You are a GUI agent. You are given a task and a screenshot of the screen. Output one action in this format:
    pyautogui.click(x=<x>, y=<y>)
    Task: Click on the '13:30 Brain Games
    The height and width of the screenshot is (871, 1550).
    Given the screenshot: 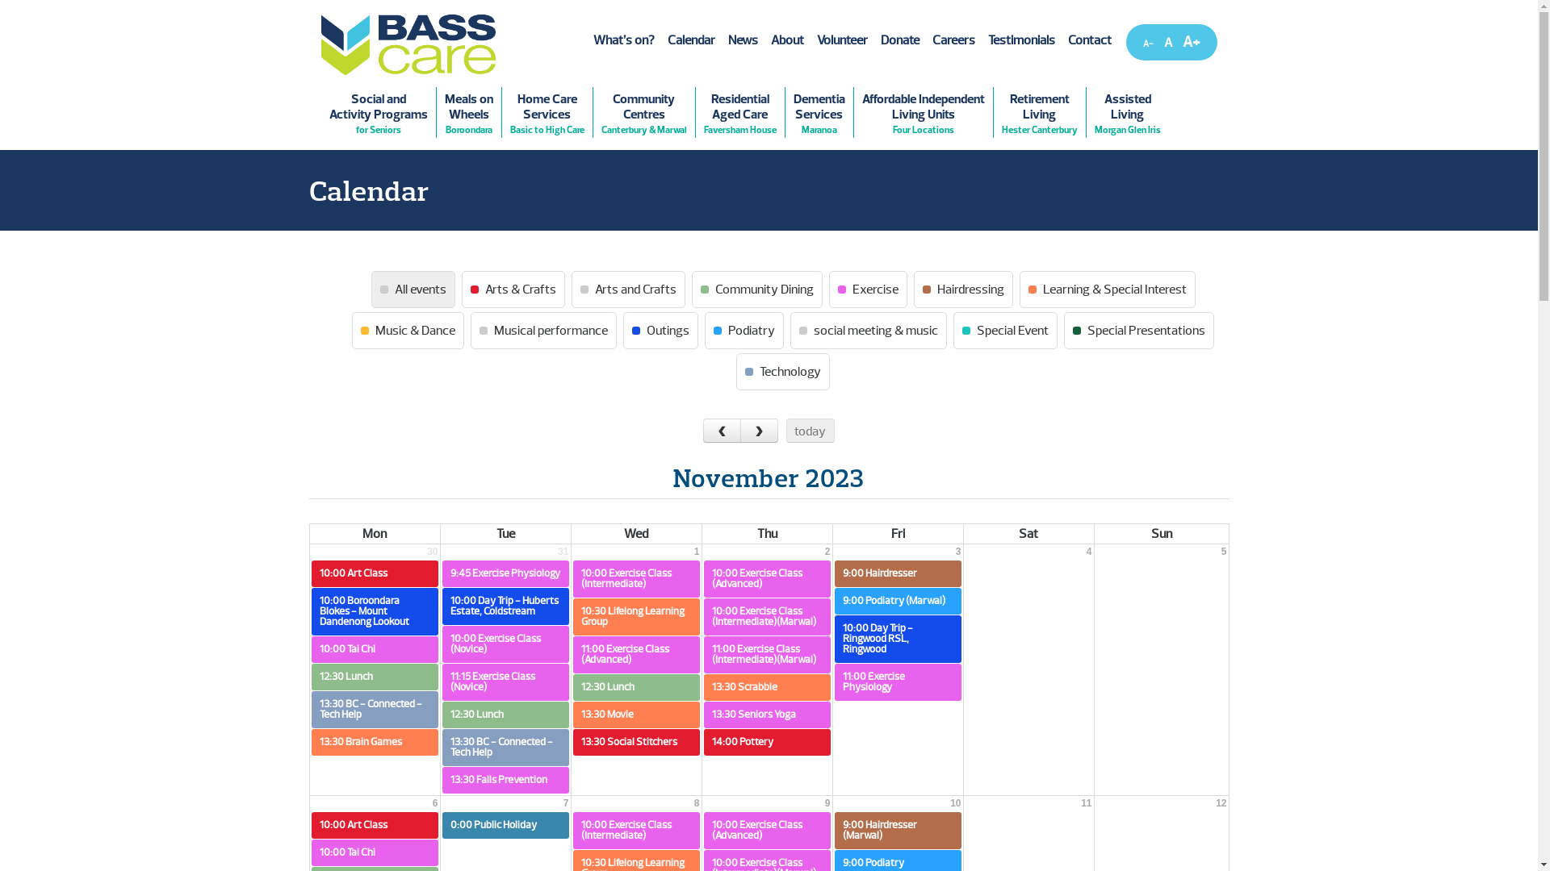 What is the action you would take?
    pyautogui.click(x=374, y=742)
    